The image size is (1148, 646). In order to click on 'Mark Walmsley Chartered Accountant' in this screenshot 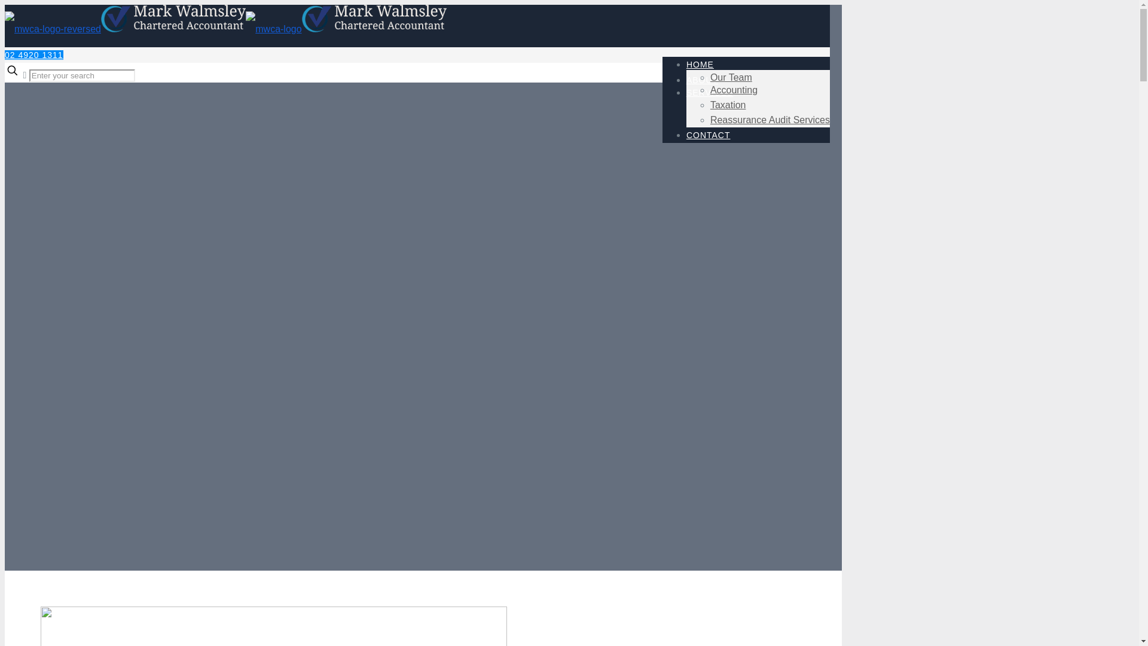, I will do `click(225, 28)`.